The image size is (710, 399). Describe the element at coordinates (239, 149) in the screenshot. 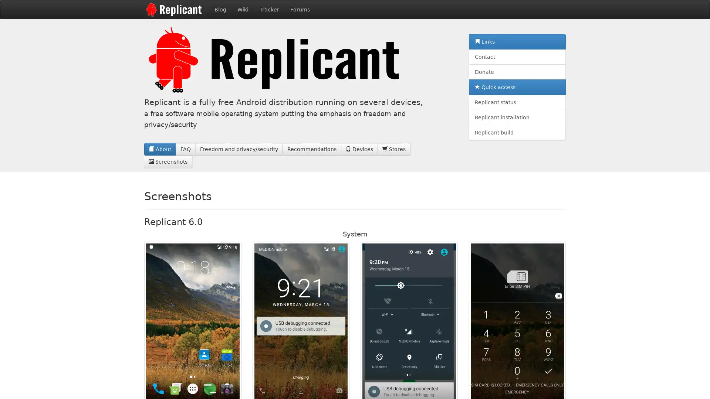

I see `Freedom and privacy/security` at that location.